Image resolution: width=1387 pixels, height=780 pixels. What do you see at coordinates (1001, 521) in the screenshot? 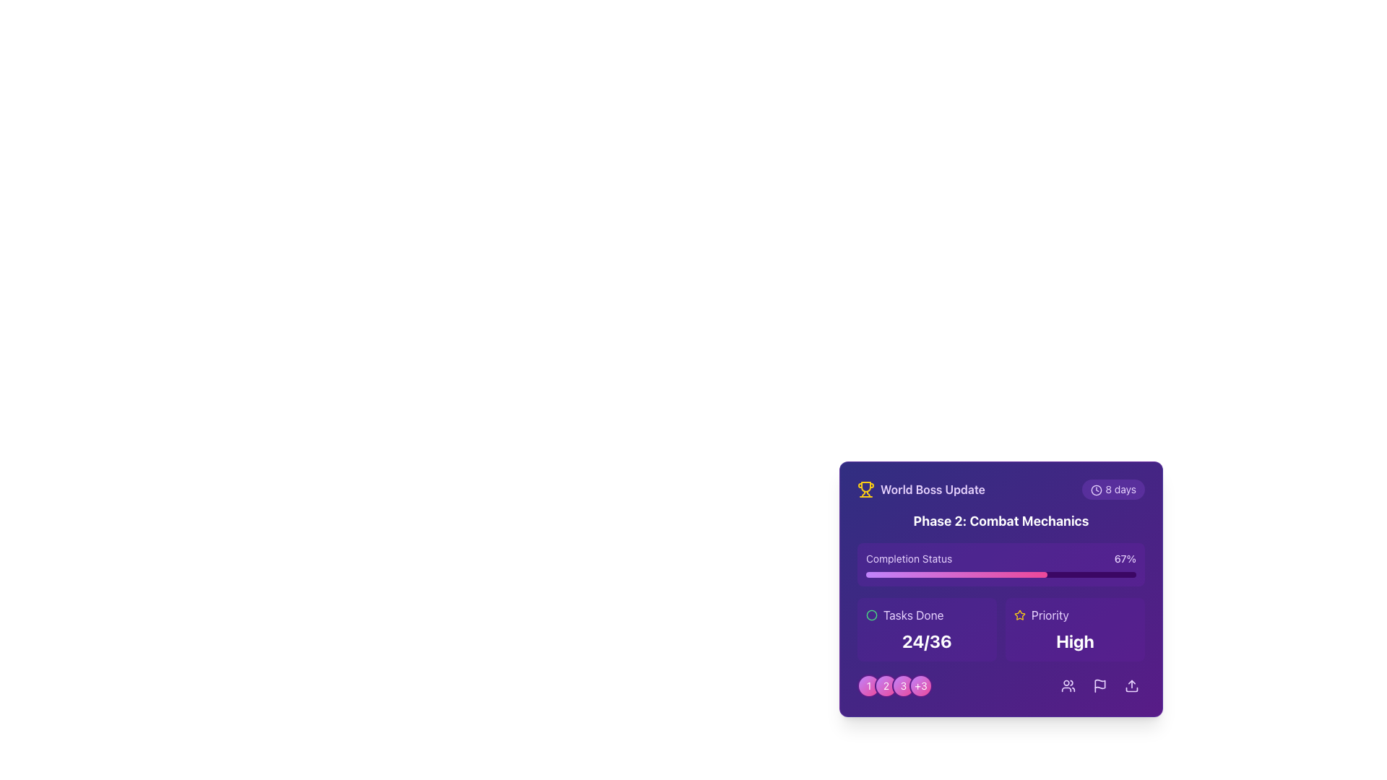
I see `the text label displaying 'Phase 2: Combat Mechanics' which is styled with bold white text on a purple background, located centrally within a card interface` at bounding box center [1001, 521].